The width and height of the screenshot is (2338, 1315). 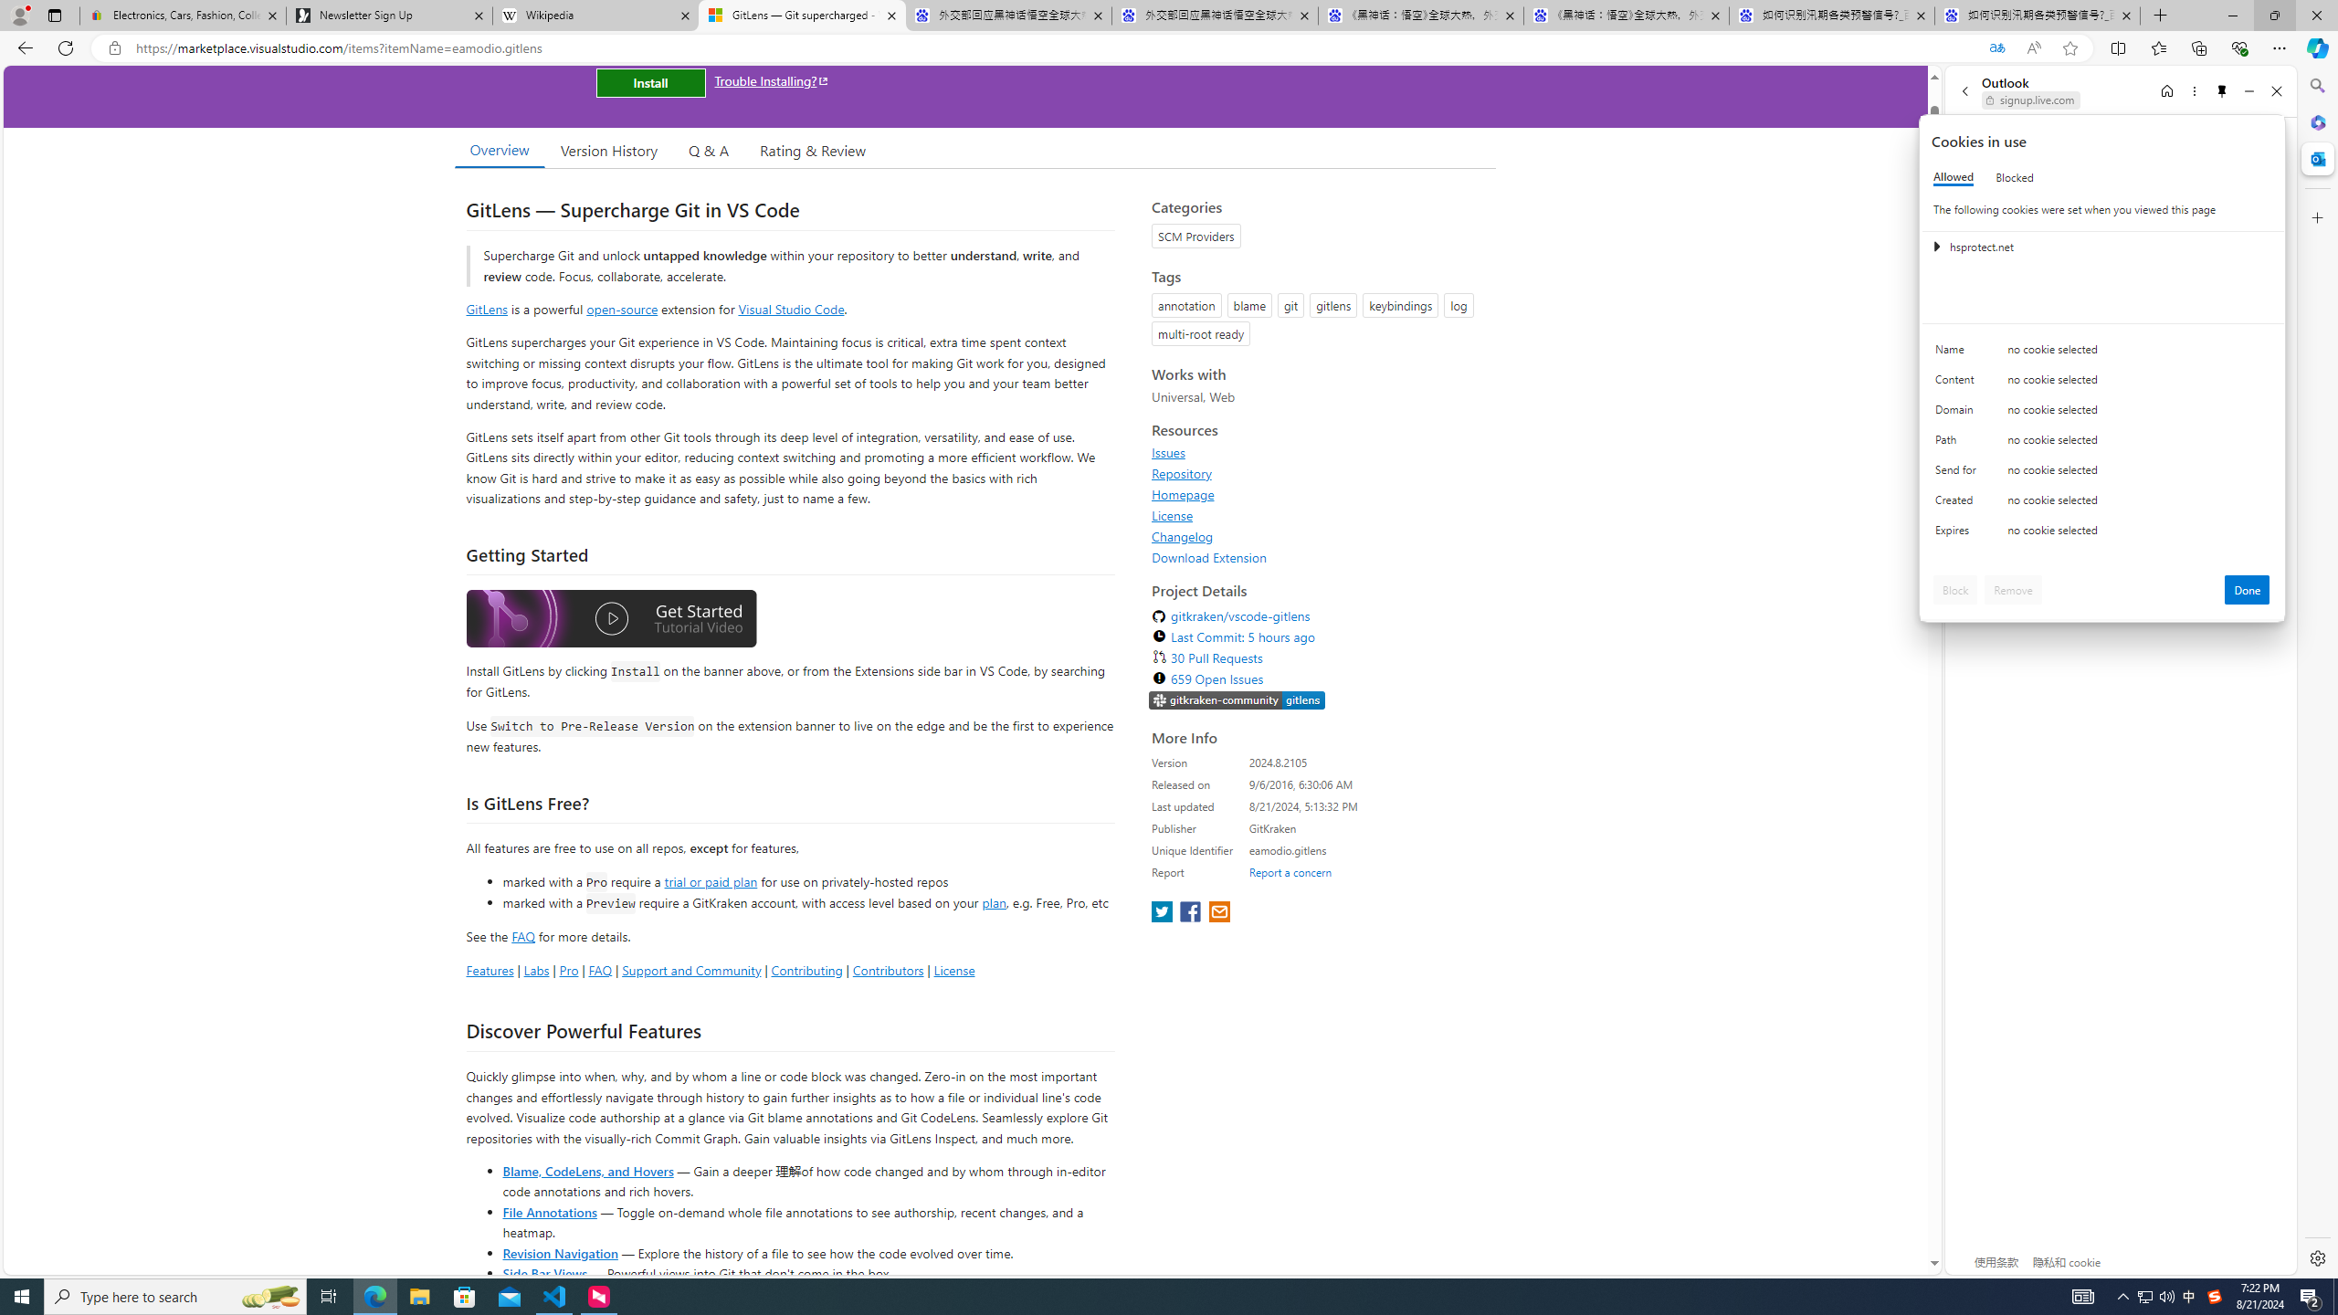 What do you see at coordinates (1958, 503) in the screenshot?
I see `'Created'` at bounding box center [1958, 503].